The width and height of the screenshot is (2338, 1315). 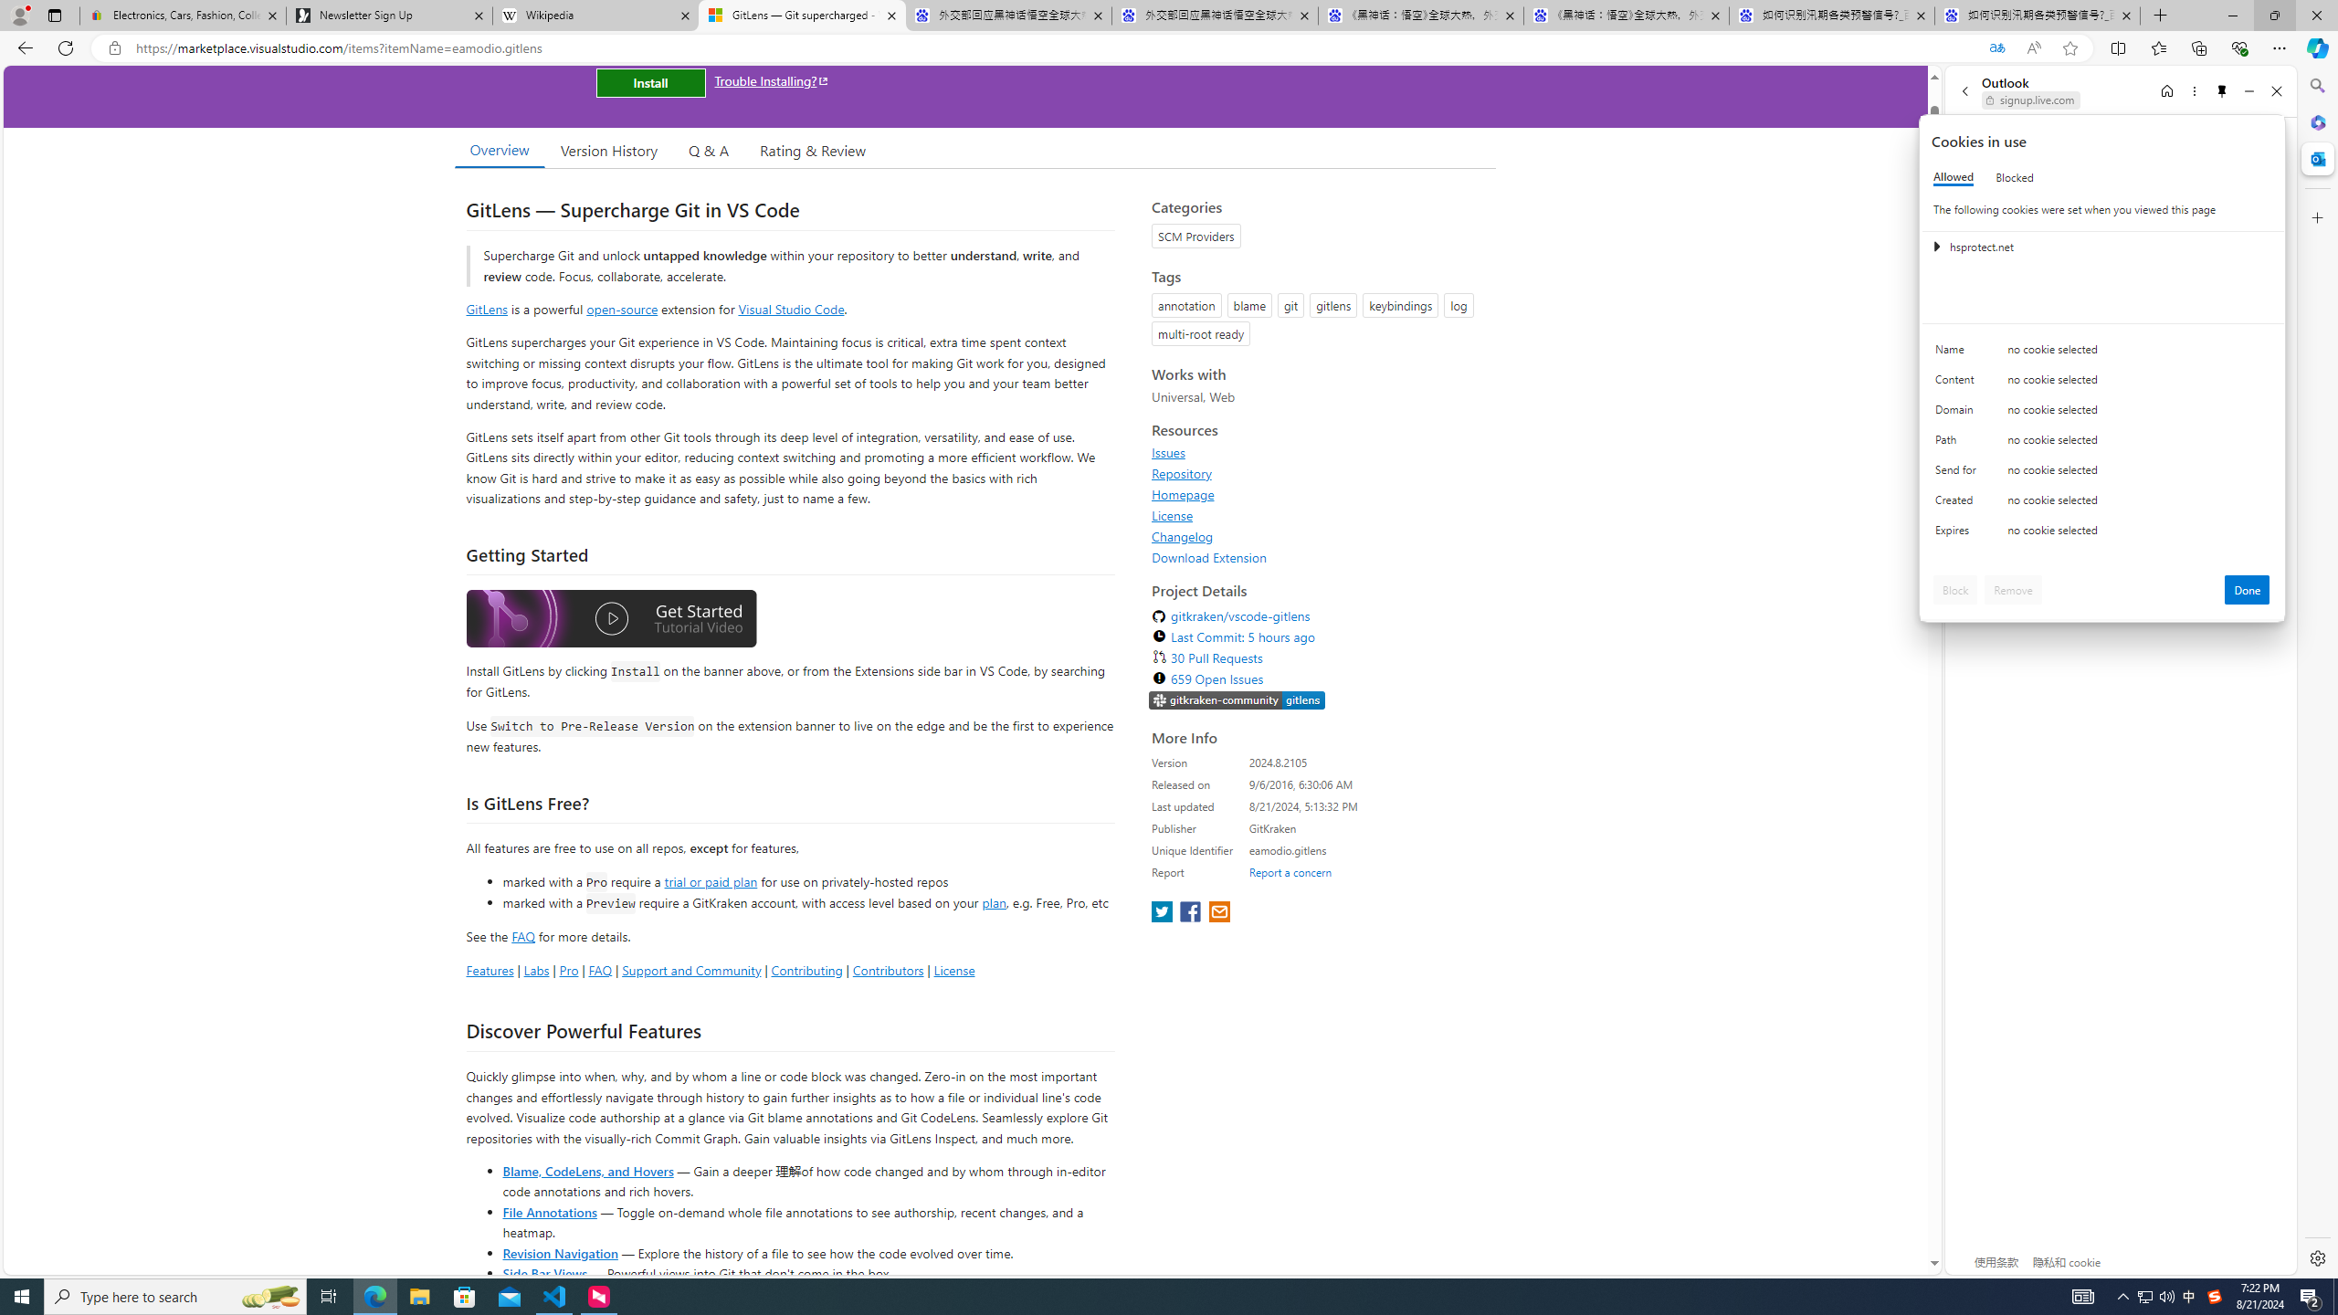 What do you see at coordinates (1958, 503) in the screenshot?
I see `'Created'` at bounding box center [1958, 503].